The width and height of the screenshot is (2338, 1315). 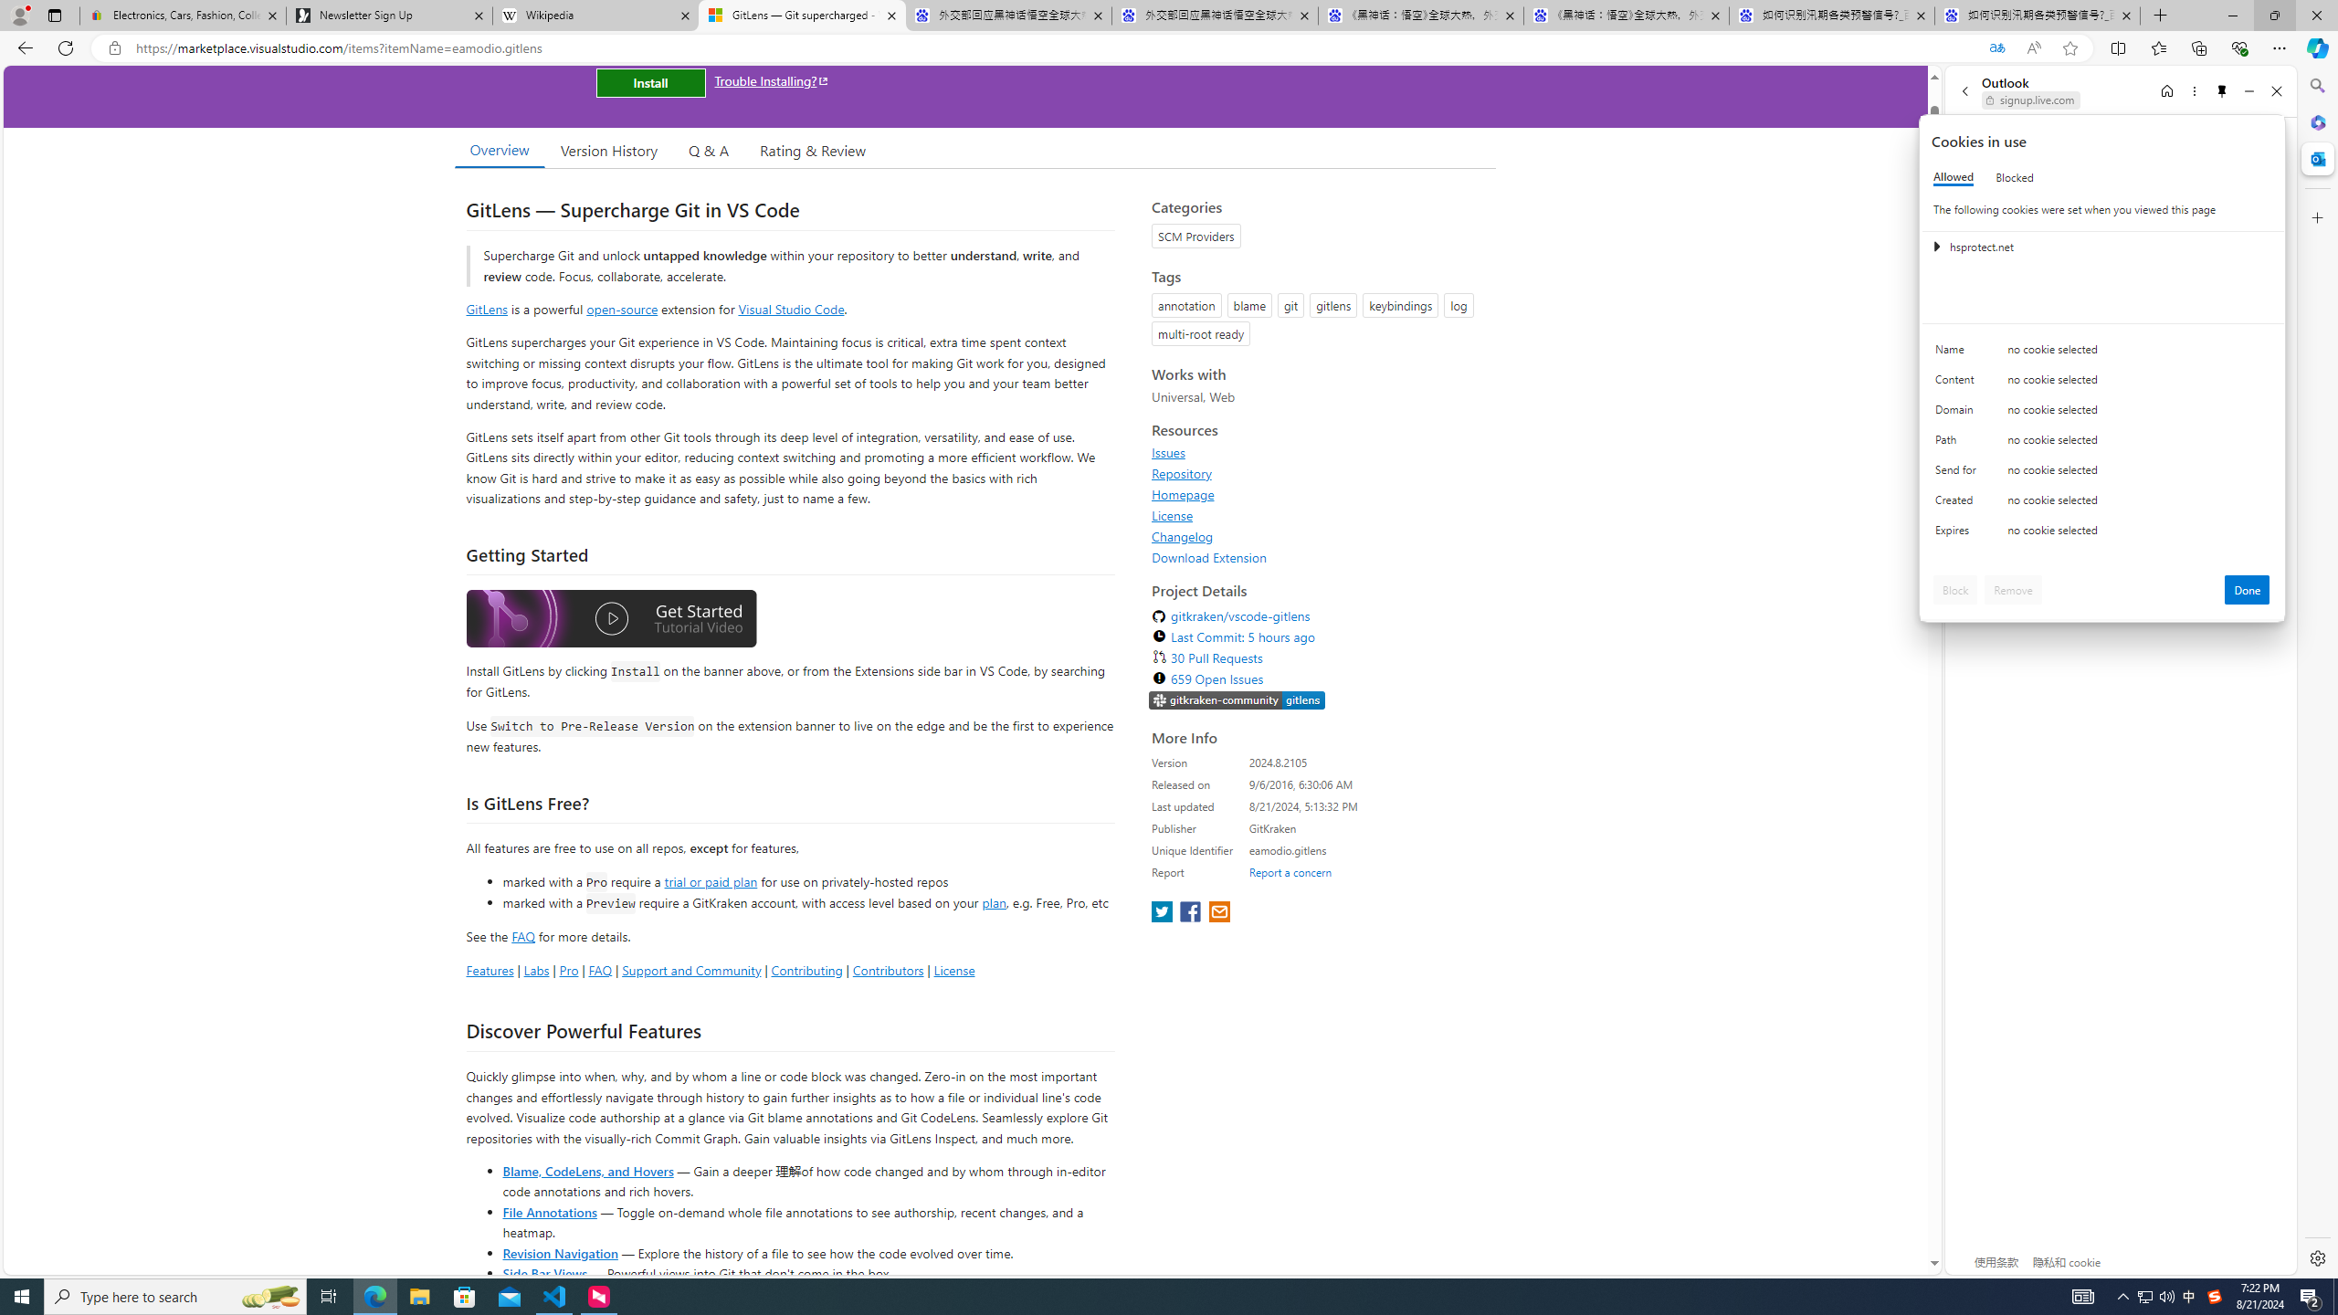 What do you see at coordinates (1958, 503) in the screenshot?
I see `'Created'` at bounding box center [1958, 503].